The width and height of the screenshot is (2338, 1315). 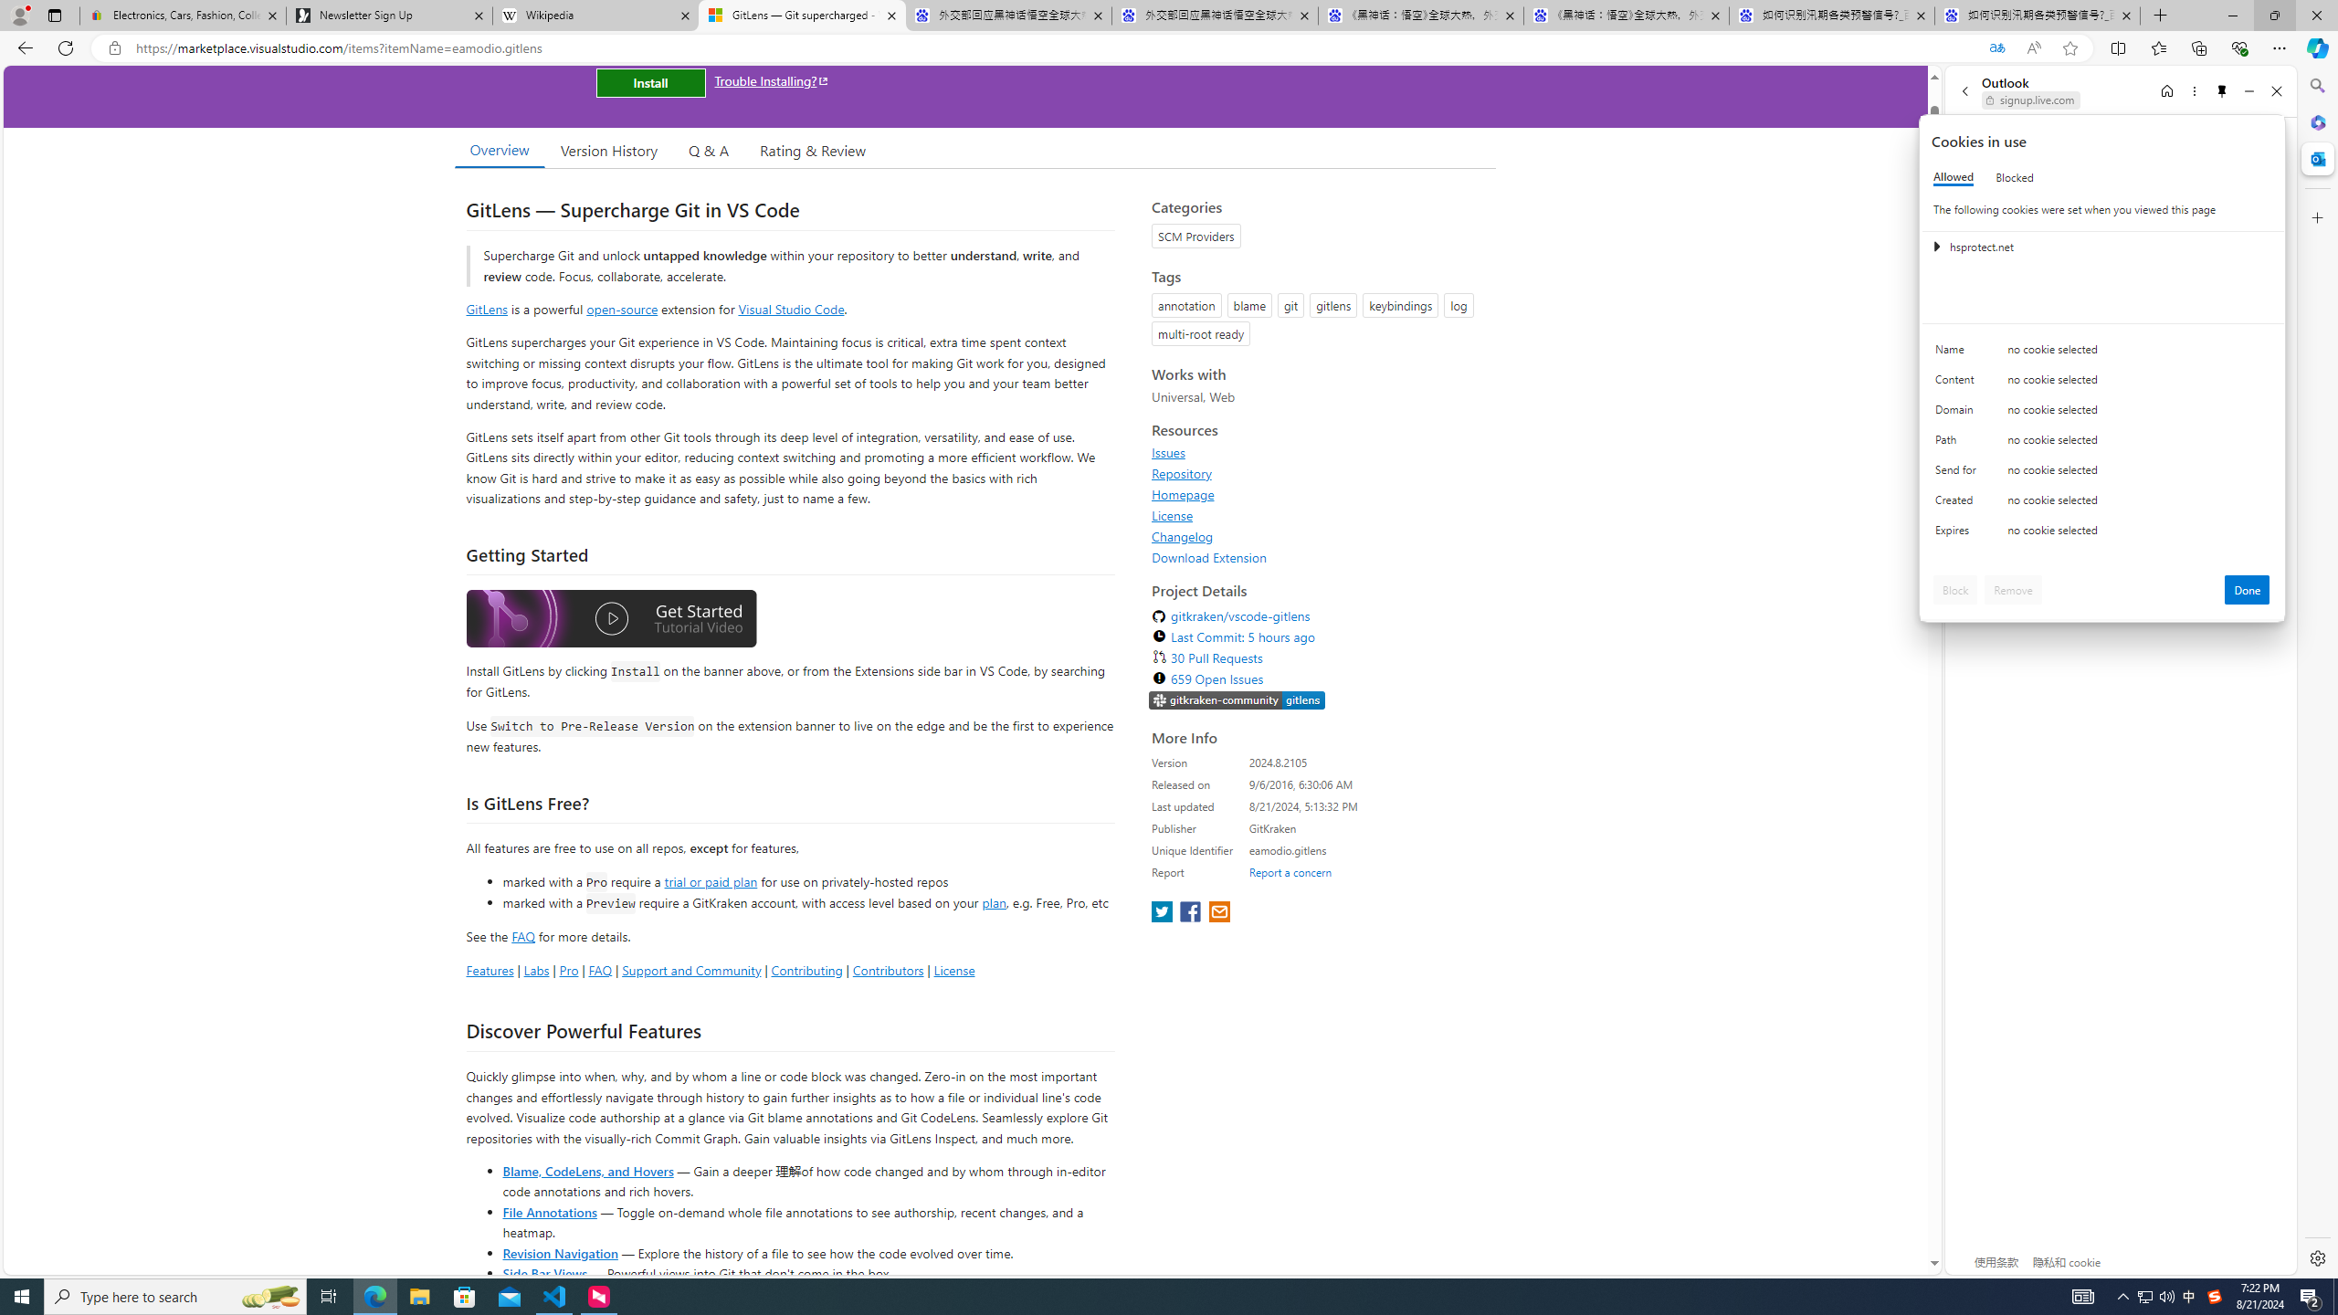 What do you see at coordinates (1958, 503) in the screenshot?
I see `'Created'` at bounding box center [1958, 503].